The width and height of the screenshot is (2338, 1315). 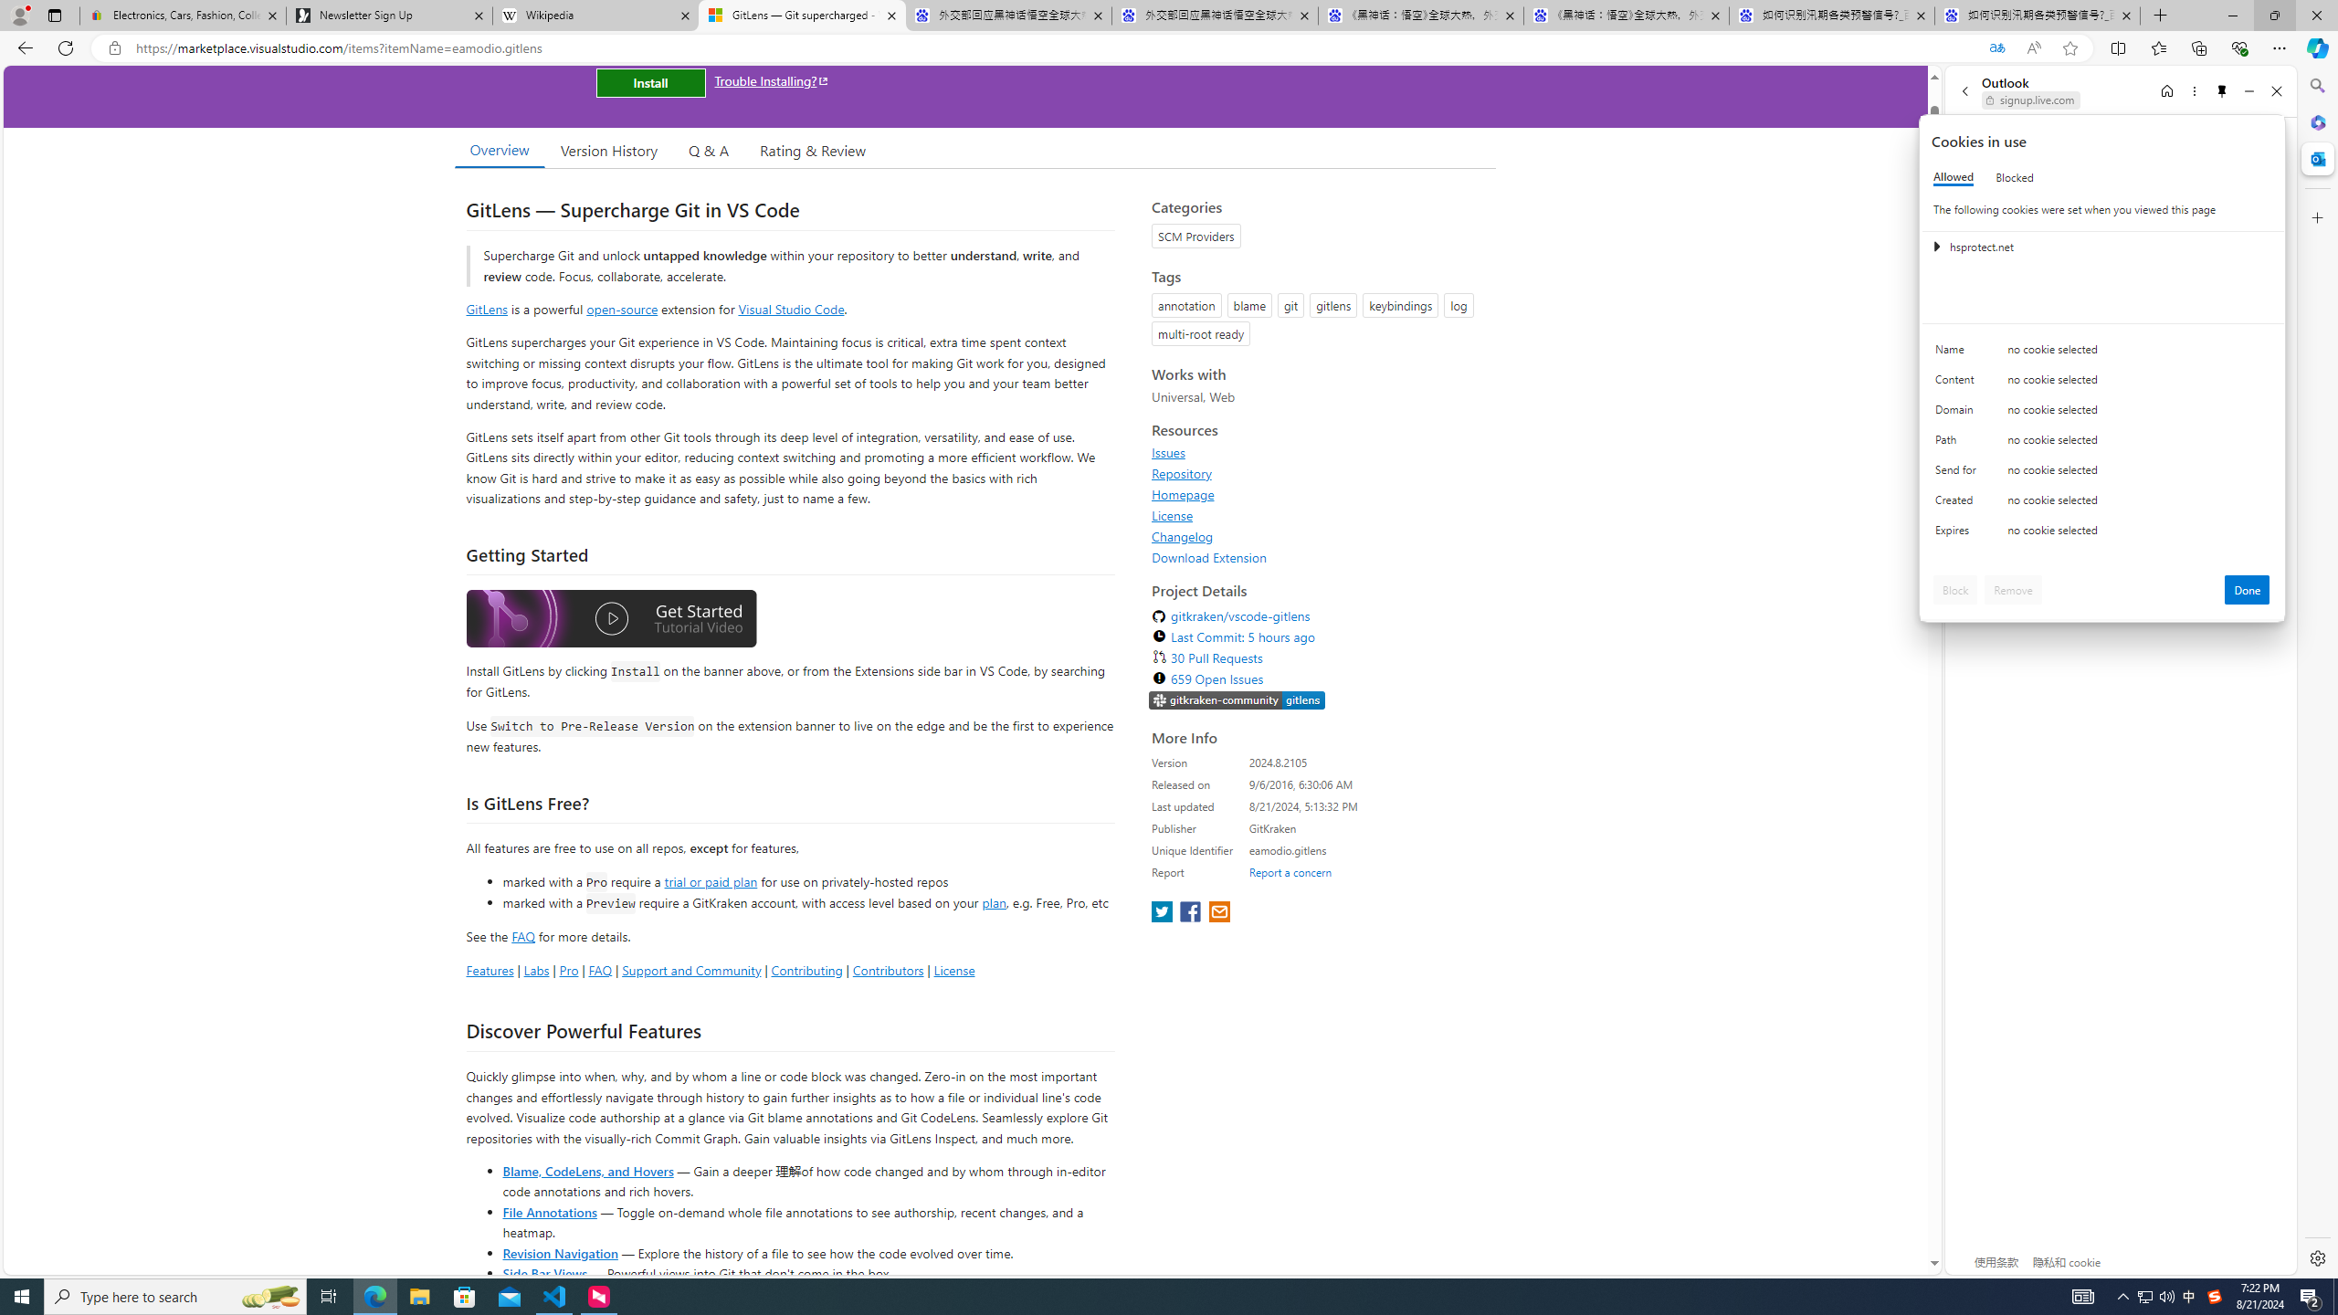 What do you see at coordinates (1958, 503) in the screenshot?
I see `'Created'` at bounding box center [1958, 503].